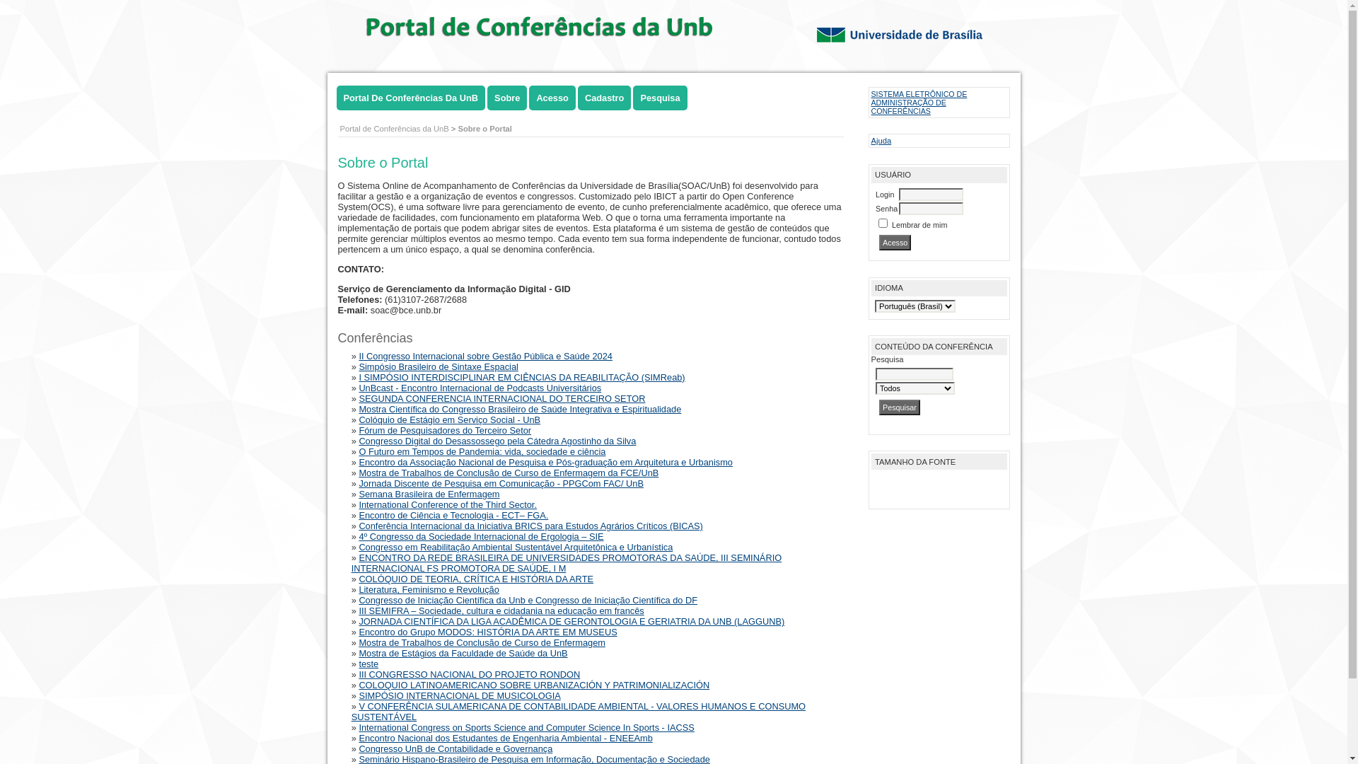 This screenshot has height=764, width=1358. I want to click on 'teste', so click(368, 664).